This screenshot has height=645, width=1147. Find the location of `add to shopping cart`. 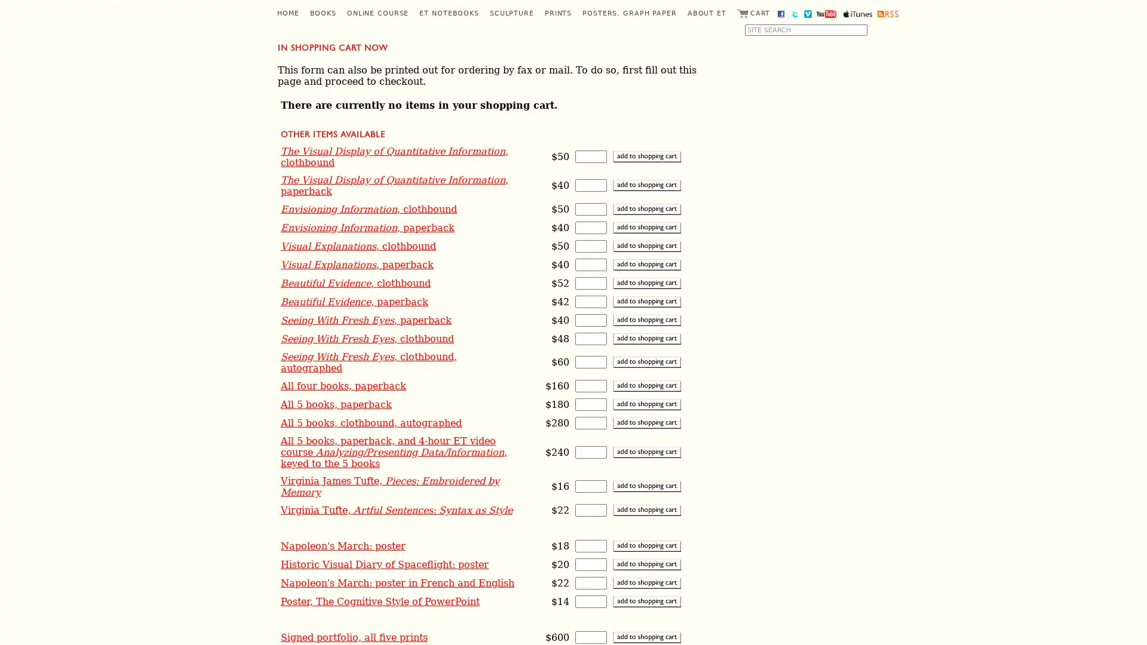

add to shopping cart is located at coordinates (646, 185).